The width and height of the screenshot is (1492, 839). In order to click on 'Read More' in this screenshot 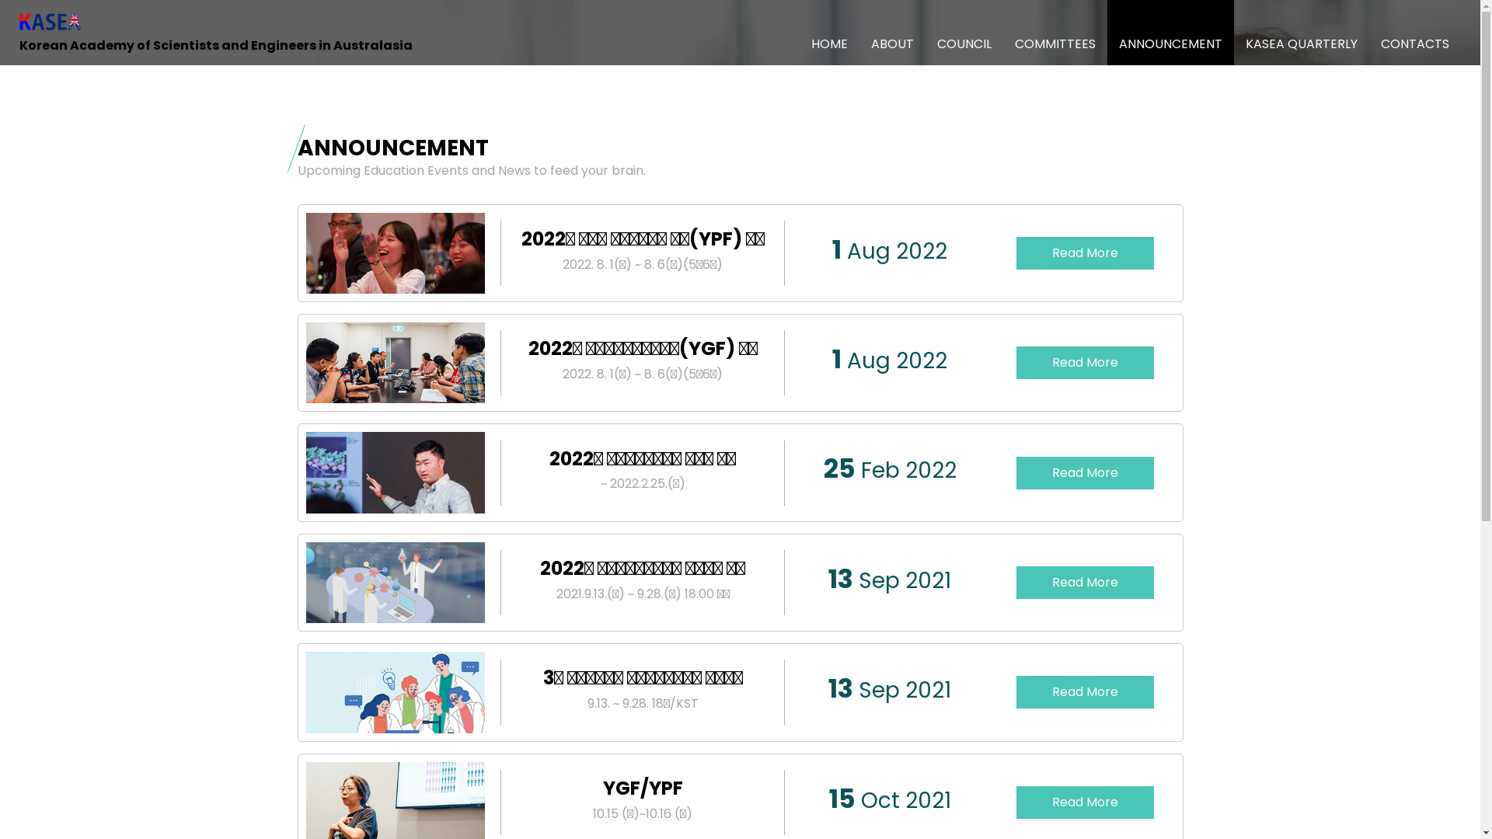, I will do `click(1084, 691)`.